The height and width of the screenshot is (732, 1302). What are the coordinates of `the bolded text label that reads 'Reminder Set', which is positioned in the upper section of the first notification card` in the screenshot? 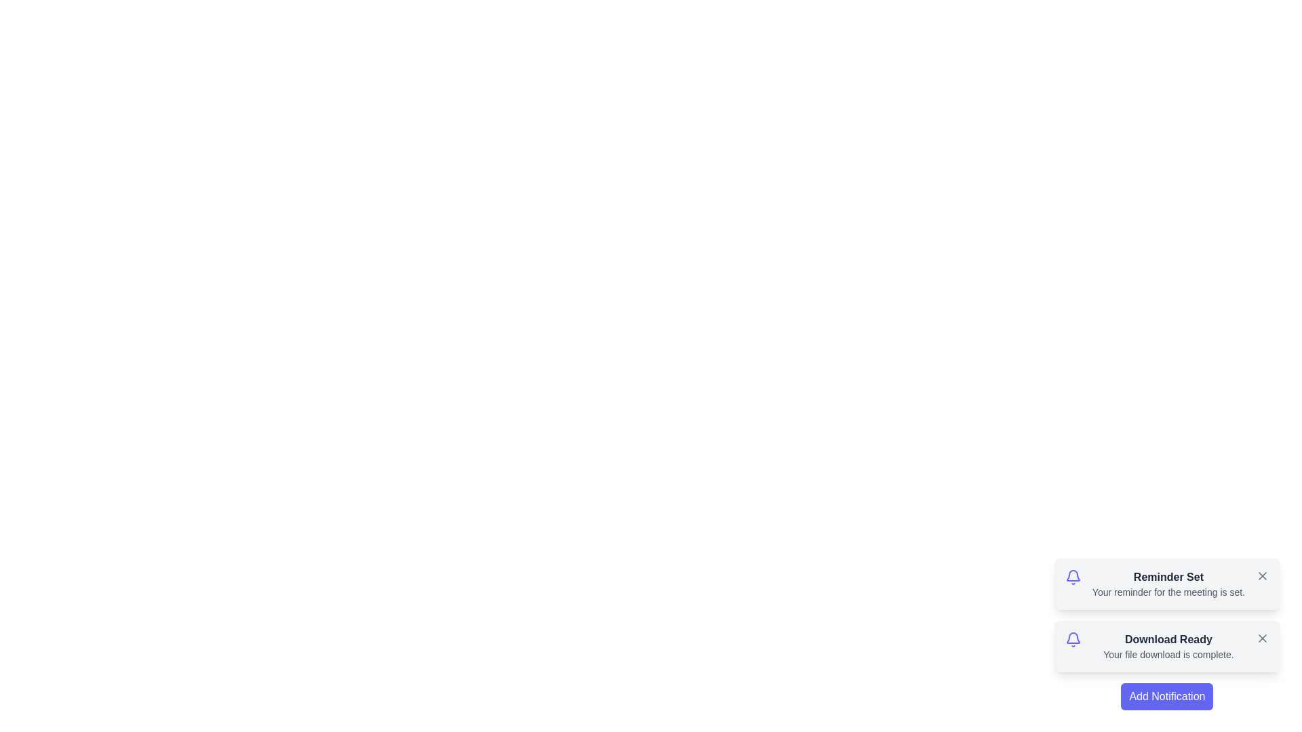 It's located at (1168, 577).